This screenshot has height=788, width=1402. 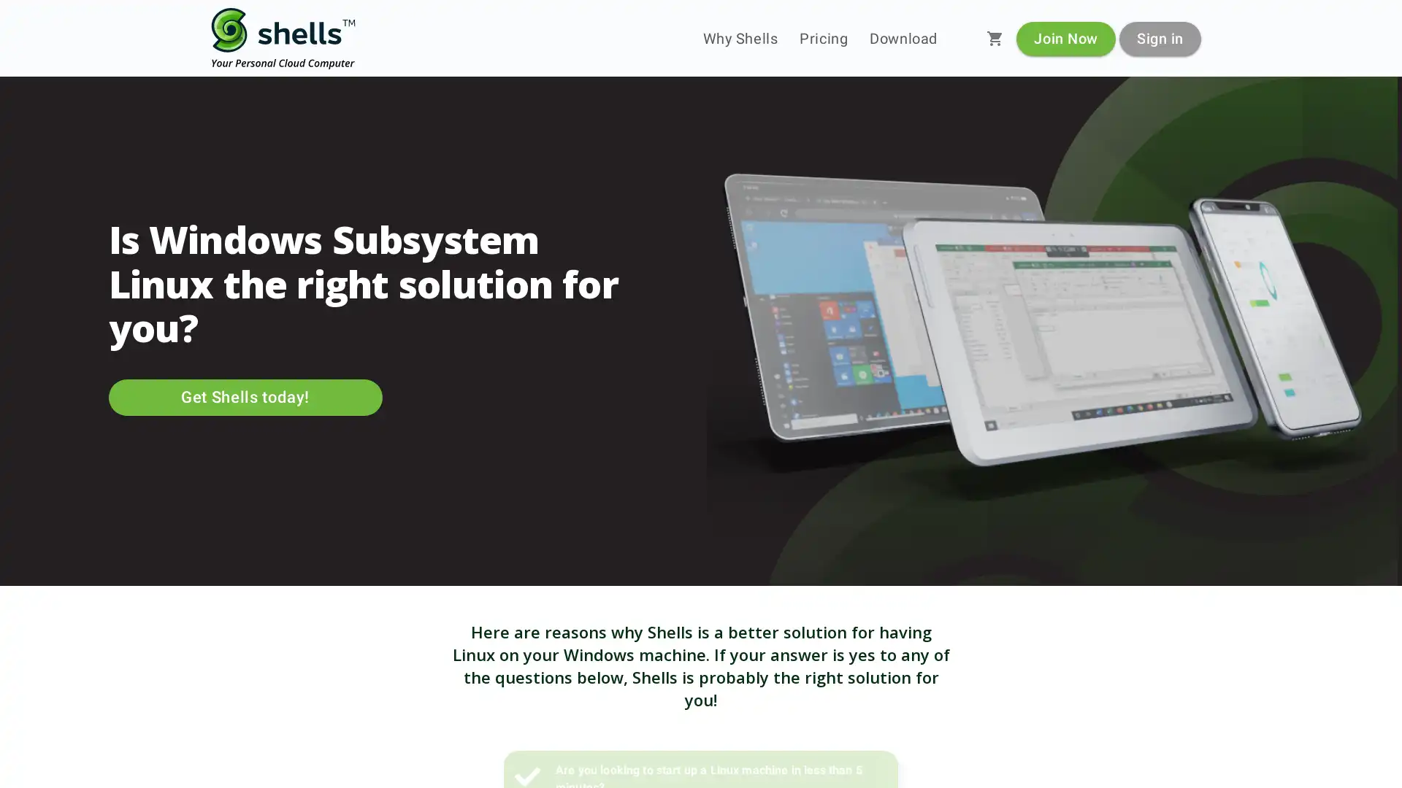 What do you see at coordinates (824, 38) in the screenshot?
I see `Pricing` at bounding box center [824, 38].